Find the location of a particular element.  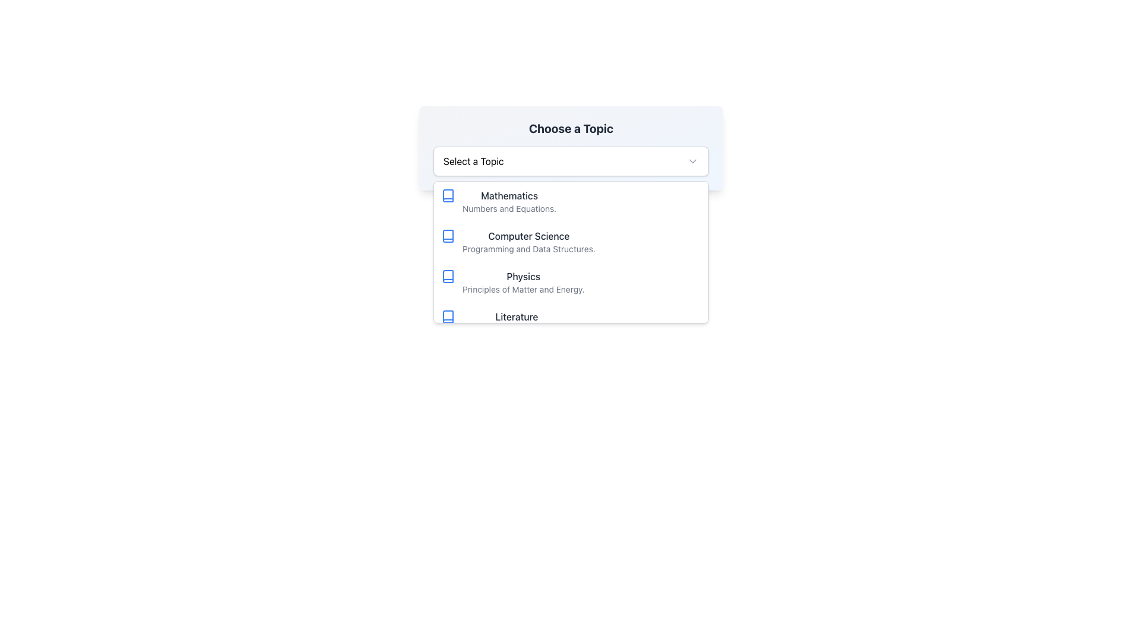

the 'Physics' option in the topics dropdown menu by keyboard navigation is located at coordinates (447, 277).